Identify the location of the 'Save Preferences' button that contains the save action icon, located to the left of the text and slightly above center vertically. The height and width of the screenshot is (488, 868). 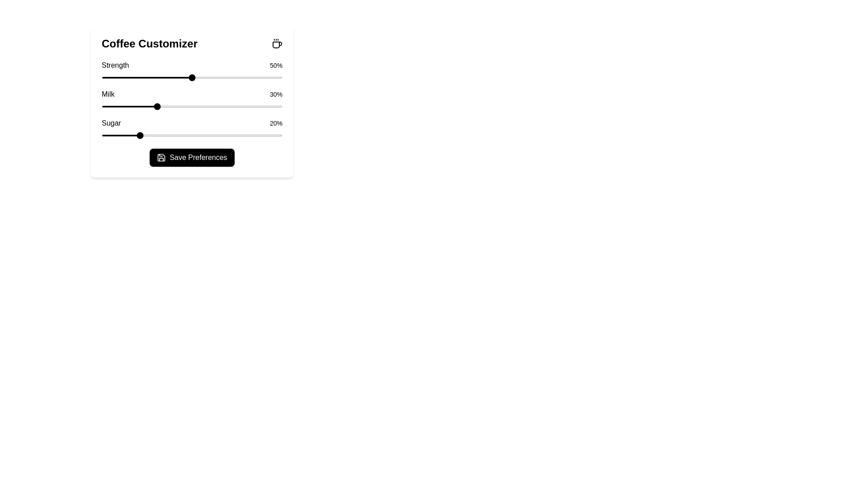
(161, 157).